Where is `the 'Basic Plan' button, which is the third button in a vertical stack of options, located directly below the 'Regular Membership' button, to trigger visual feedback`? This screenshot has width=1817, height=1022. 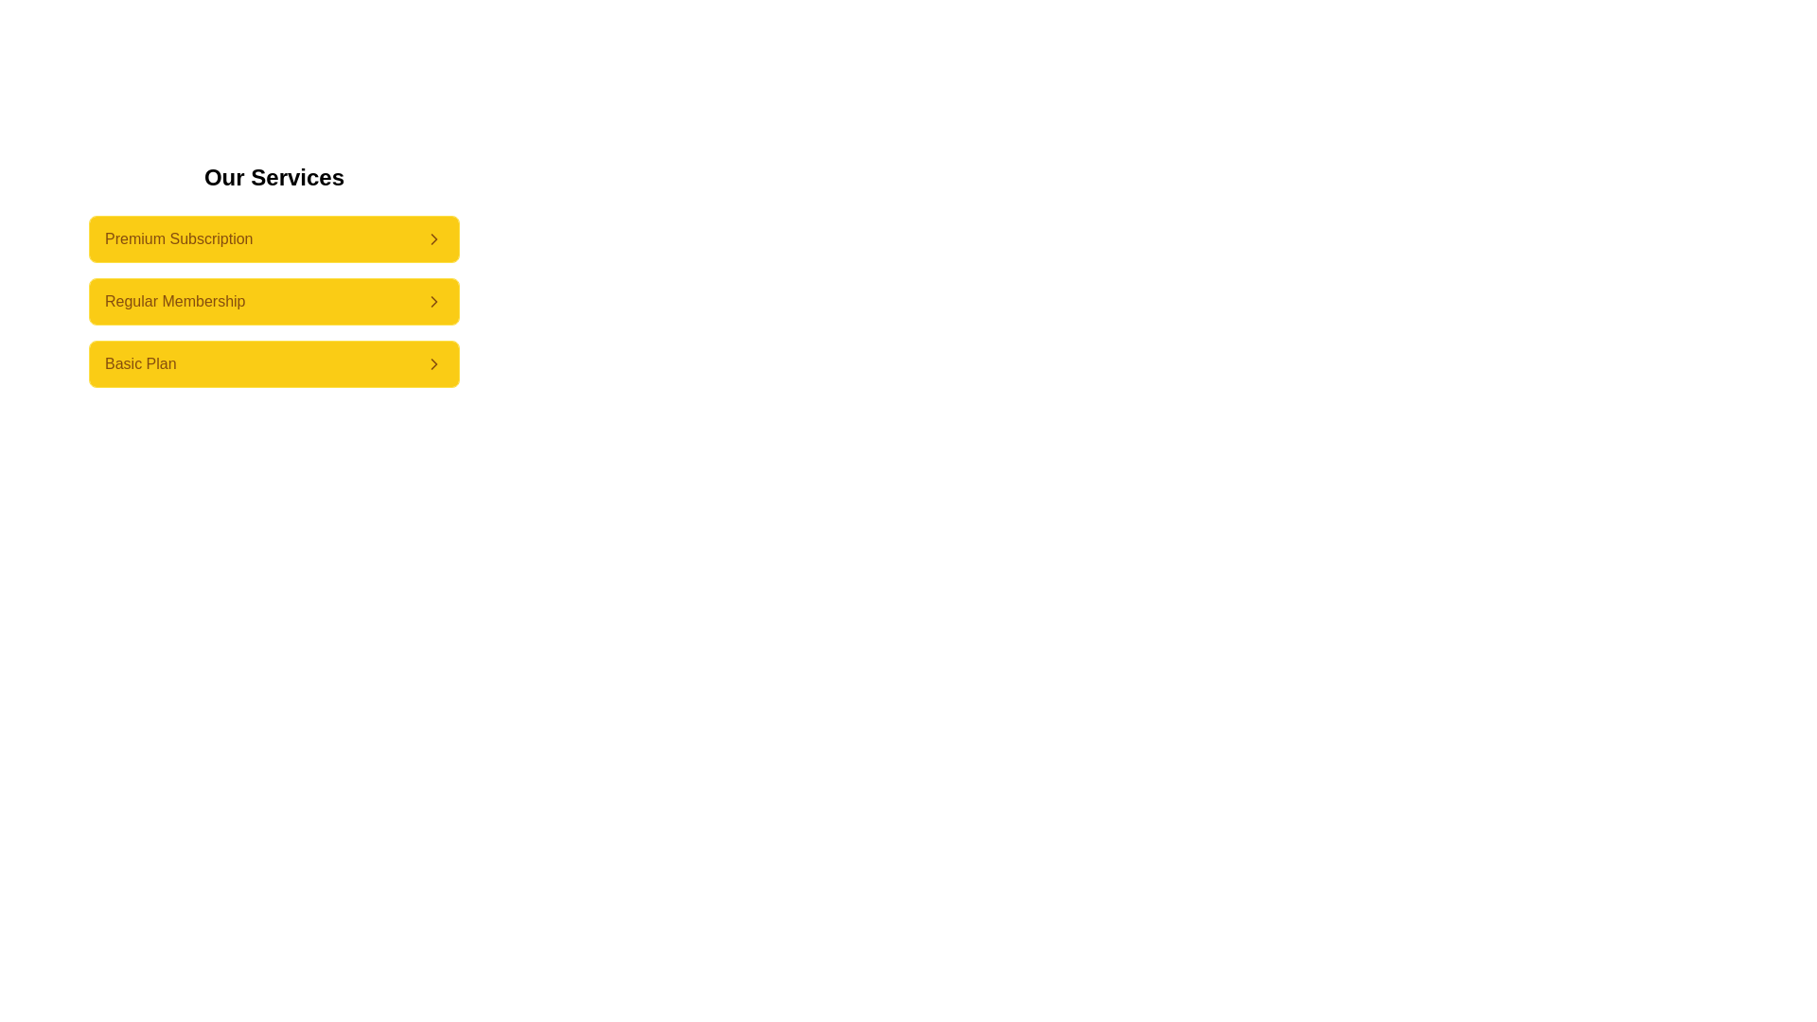
the 'Basic Plan' button, which is the third button in a vertical stack of options, located directly below the 'Regular Membership' button, to trigger visual feedback is located at coordinates (273, 364).